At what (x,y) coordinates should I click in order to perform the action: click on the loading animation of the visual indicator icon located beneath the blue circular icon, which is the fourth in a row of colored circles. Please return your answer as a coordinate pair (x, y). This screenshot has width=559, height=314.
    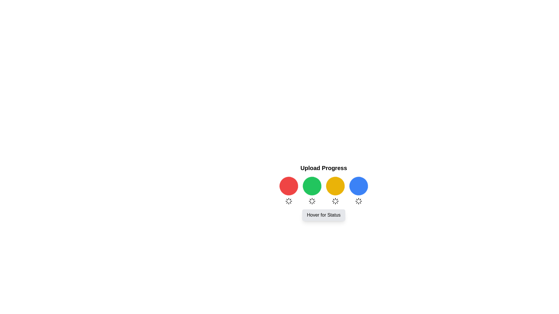
    Looking at the image, I should click on (358, 201).